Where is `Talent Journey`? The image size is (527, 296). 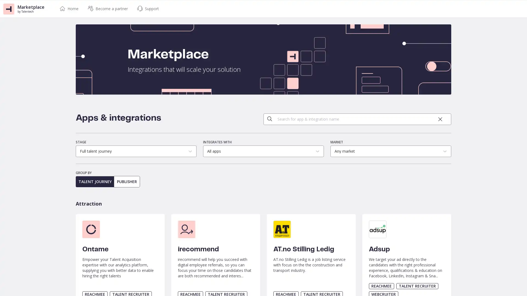
Talent Journey is located at coordinates (95, 182).